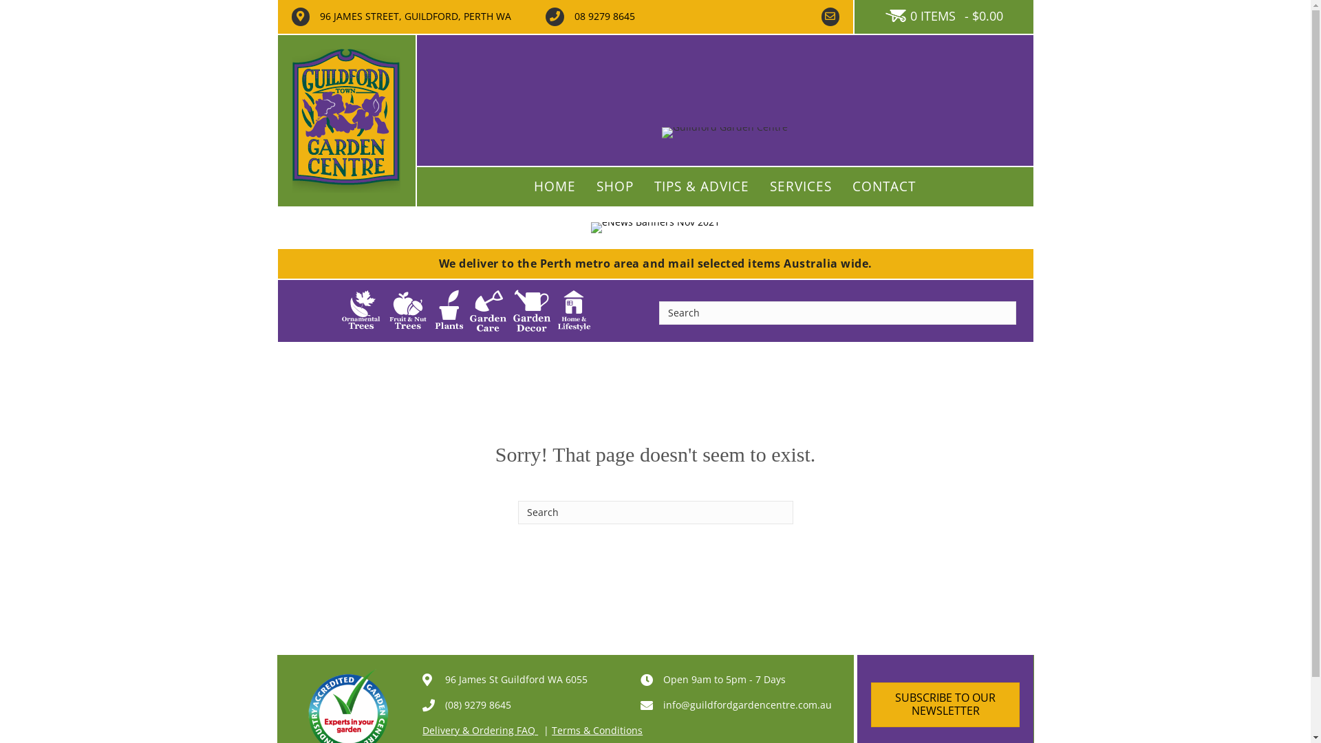 This screenshot has width=1321, height=743. What do you see at coordinates (724, 132) in the screenshot?
I see `'Site Header TItle Graphic'` at bounding box center [724, 132].